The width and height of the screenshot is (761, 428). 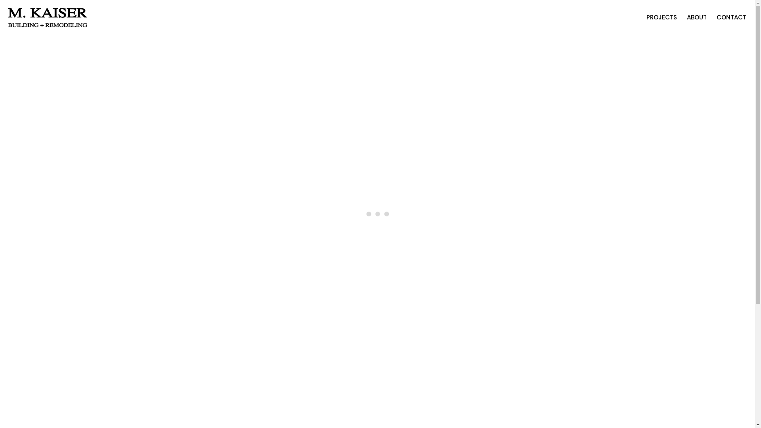 I want to click on 'CONTACT', so click(x=731, y=18).